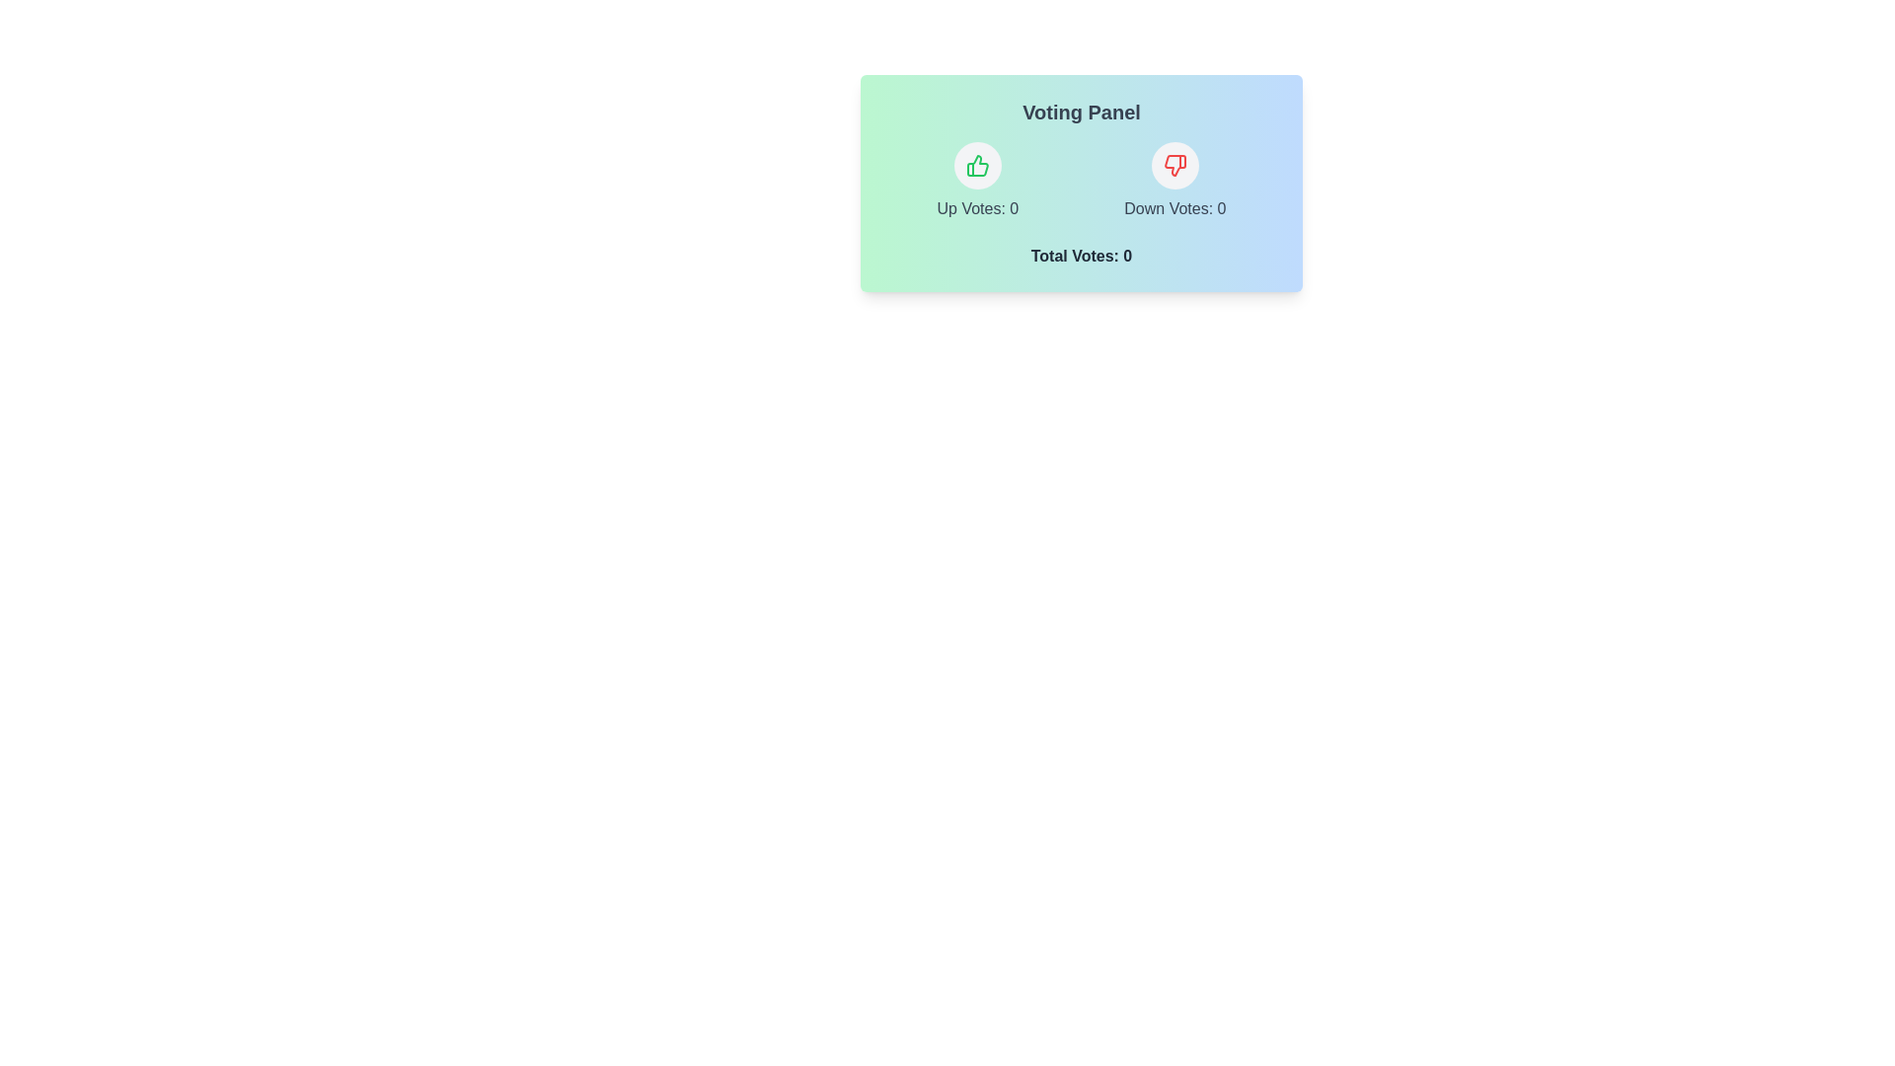 The width and height of the screenshot is (1895, 1066). What do you see at coordinates (977, 165) in the screenshot?
I see `the circular button with a light gray background that turns green on hover, featuring a green thumbs-up icon, located above the 'Up Votes: 0' label in the Voting Panel` at bounding box center [977, 165].